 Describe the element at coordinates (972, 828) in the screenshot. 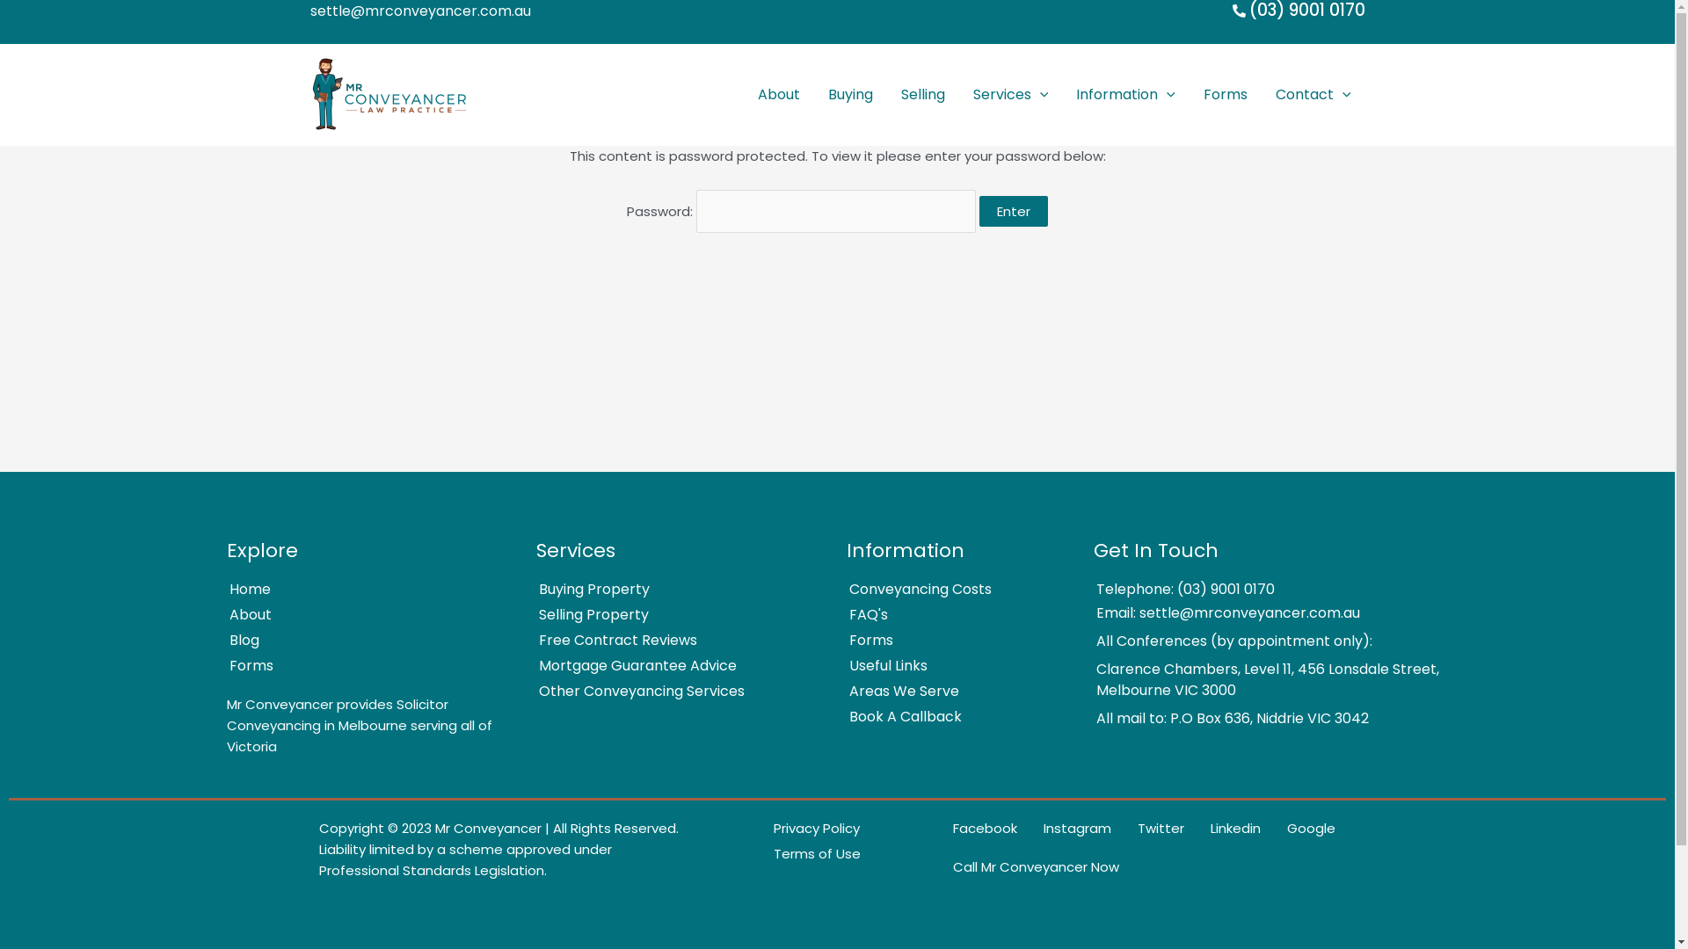

I see `'Facebook'` at that location.